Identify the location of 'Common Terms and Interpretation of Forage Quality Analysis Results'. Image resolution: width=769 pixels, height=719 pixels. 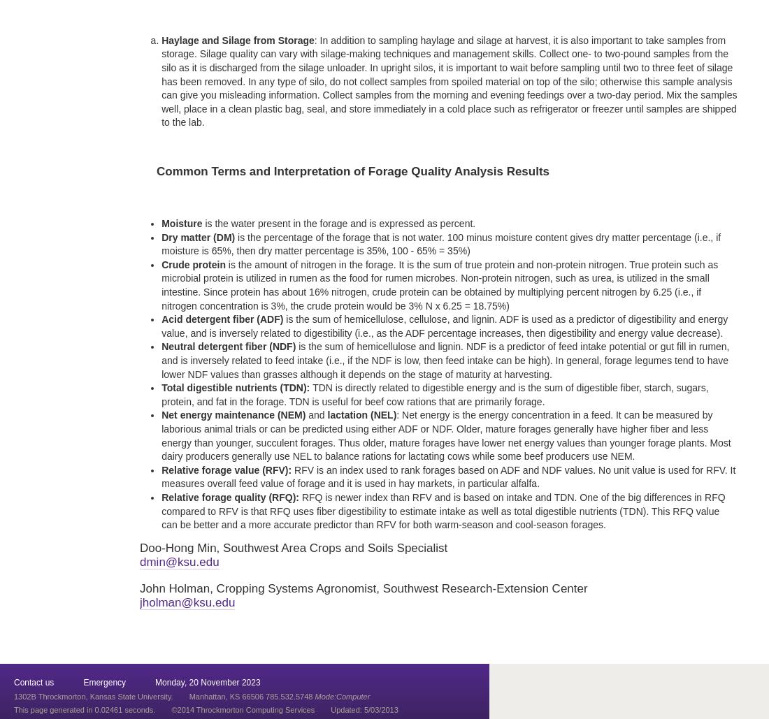
(156, 170).